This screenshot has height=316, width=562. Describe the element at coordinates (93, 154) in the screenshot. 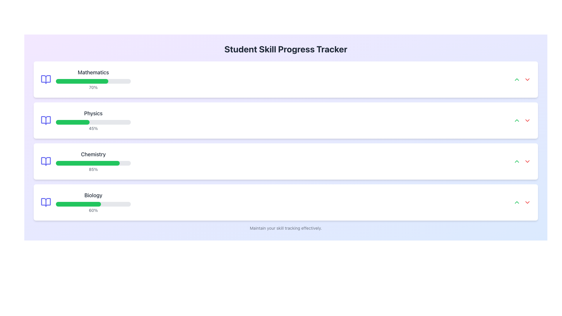

I see `the title text 'Chemistry' in the third entry of the skill progress list, which is styled in dark gray and indicates '85%'` at that location.